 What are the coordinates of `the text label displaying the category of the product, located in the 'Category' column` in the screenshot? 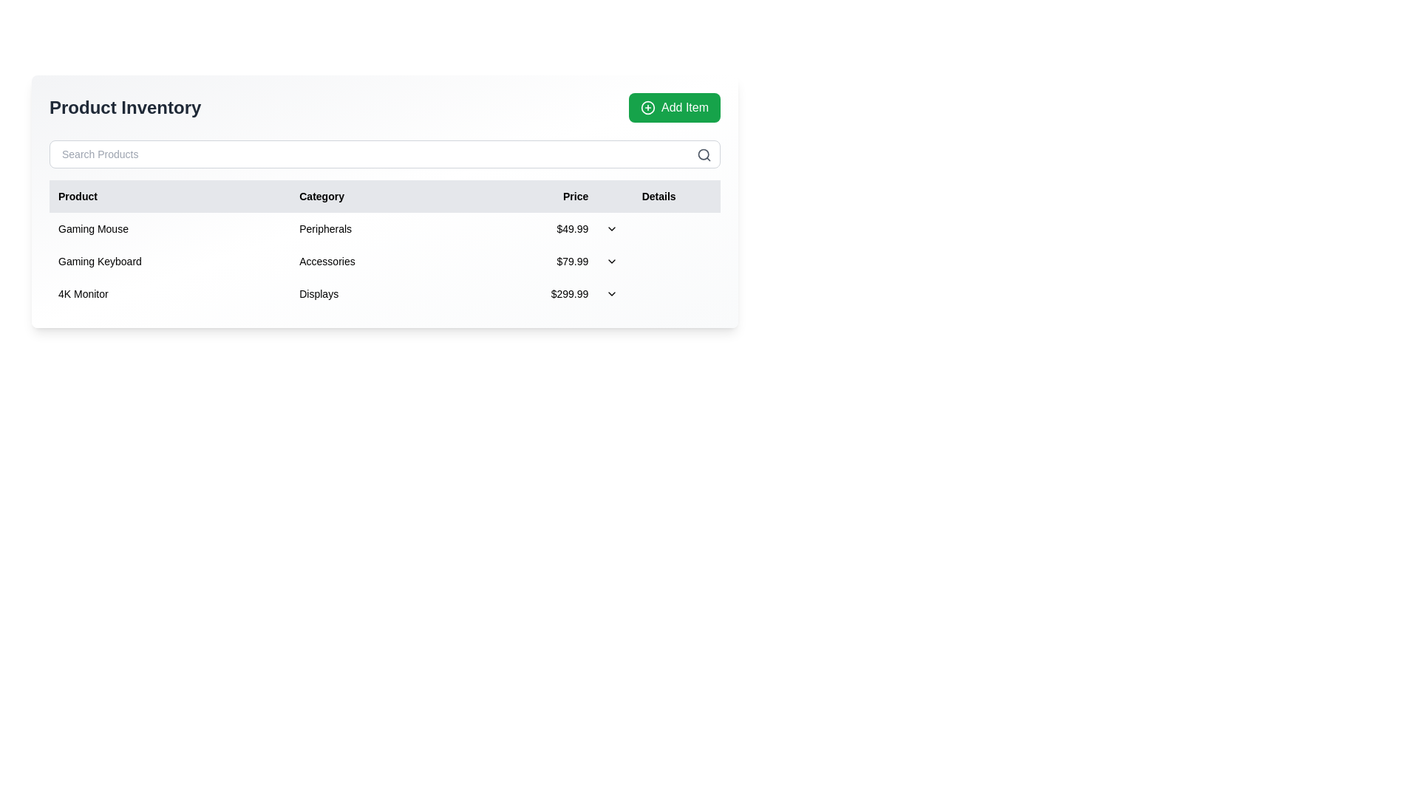 It's located at (378, 228).